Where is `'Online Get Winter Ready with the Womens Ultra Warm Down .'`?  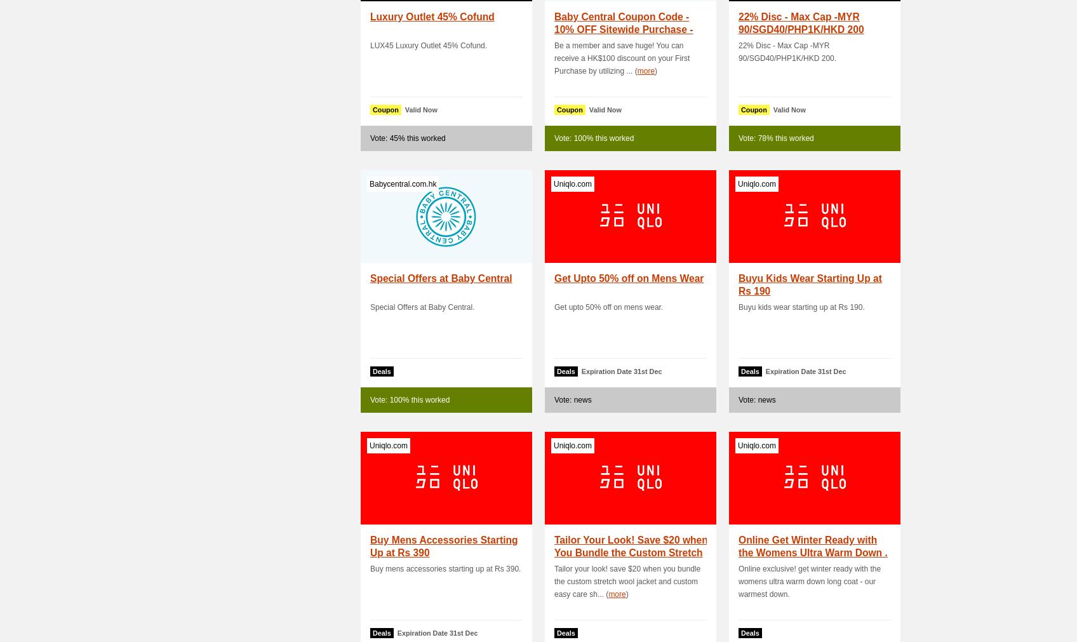
'Online Get Winter Ready with the Womens Ultra Warm Down .' is located at coordinates (738, 546).